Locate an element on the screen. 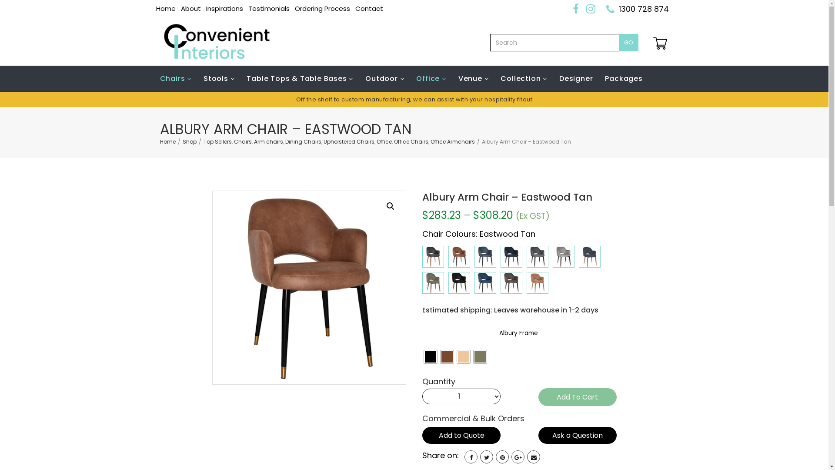 This screenshot has height=470, width=835. '1300 728 874' is located at coordinates (618, 9).